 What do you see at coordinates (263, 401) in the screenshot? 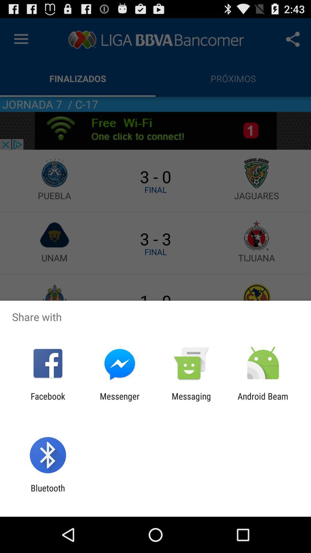
I see `android beam at the bottom right corner` at bounding box center [263, 401].